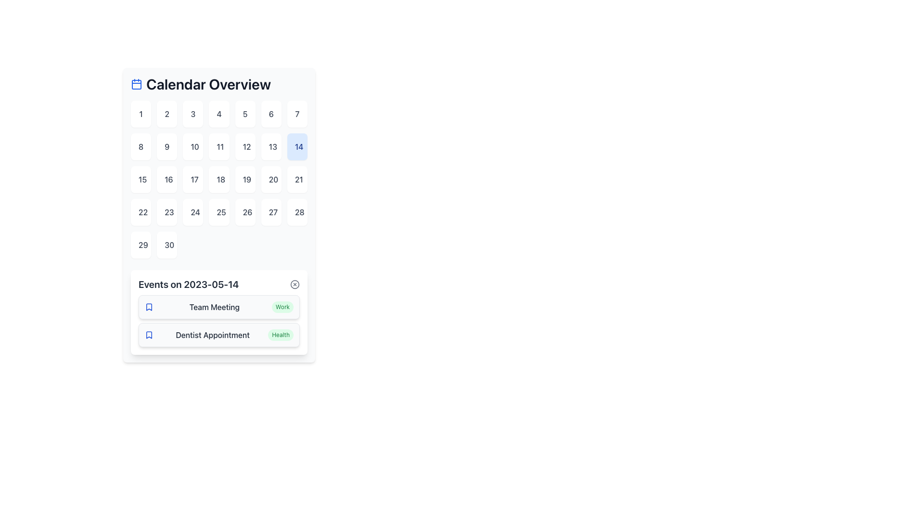 The image size is (924, 520). What do you see at coordinates (212, 334) in the screenshot?
I see `the central text label that displays the title of the second event entry under 'Events on 2023-05-14', which is located below 'Team Meeting'` at bounding box center [212, 334].